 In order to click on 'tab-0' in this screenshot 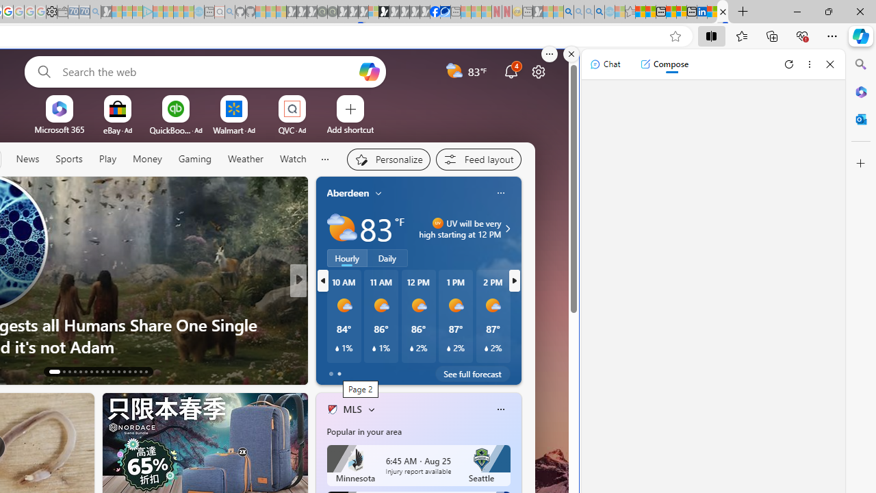, I will do `click(331, 374)`.